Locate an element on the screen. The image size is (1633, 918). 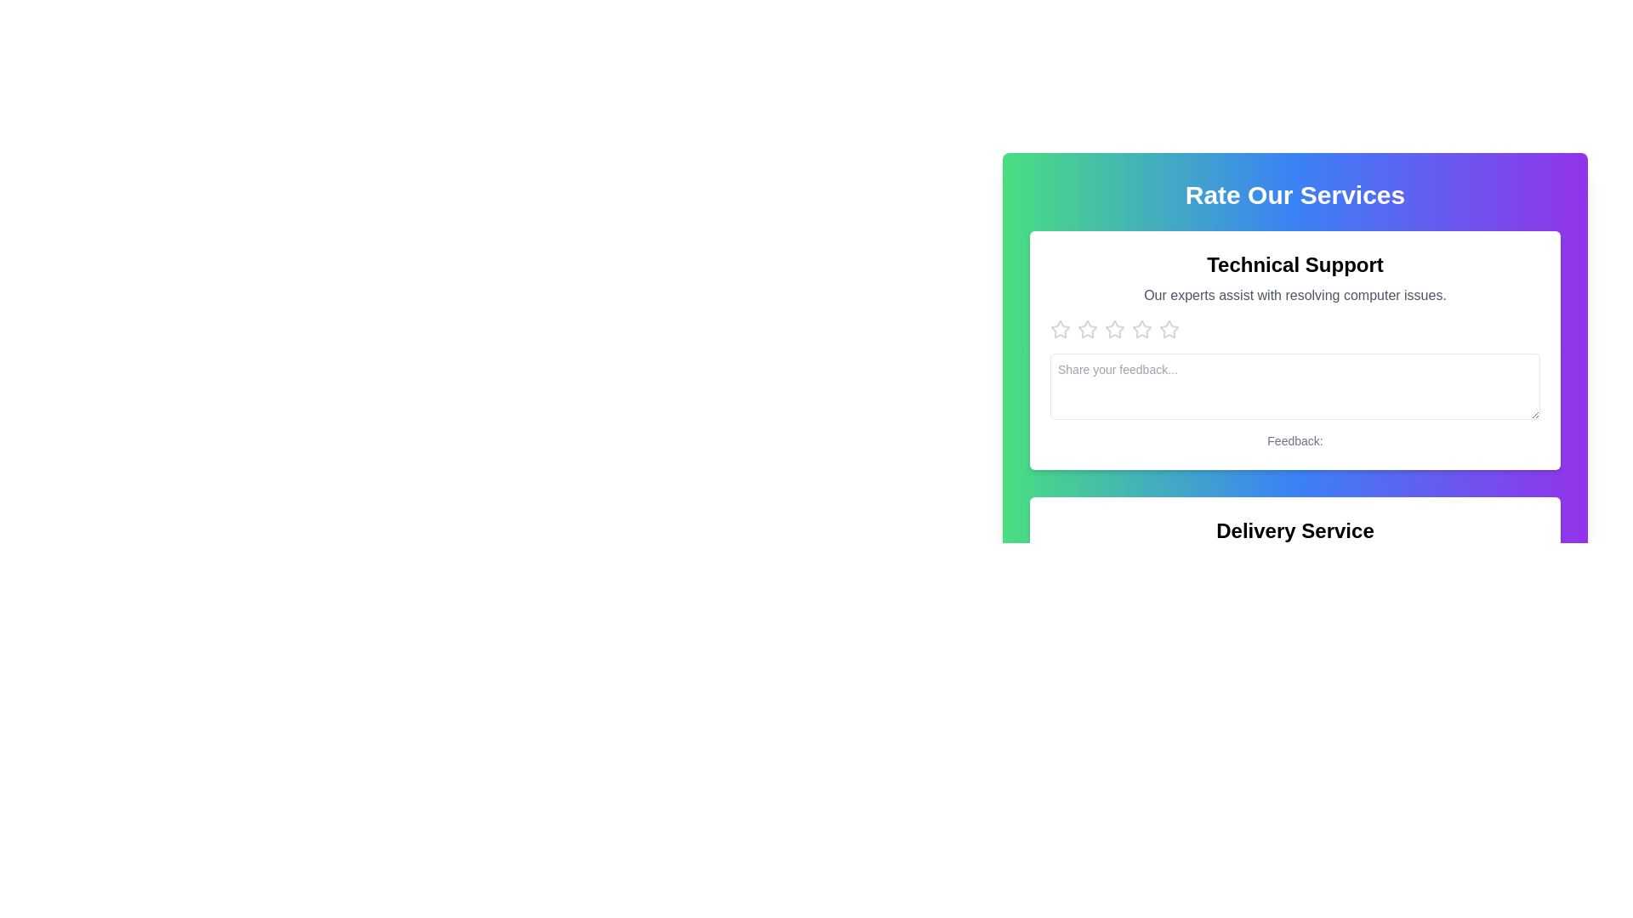
the fourth star icon in the star rating control for highlighting, located in the 'Rate Our Services' section is located at coordinates (1168, 329).